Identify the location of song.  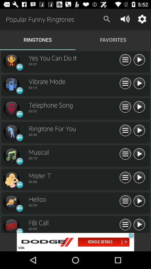
(139, 60).